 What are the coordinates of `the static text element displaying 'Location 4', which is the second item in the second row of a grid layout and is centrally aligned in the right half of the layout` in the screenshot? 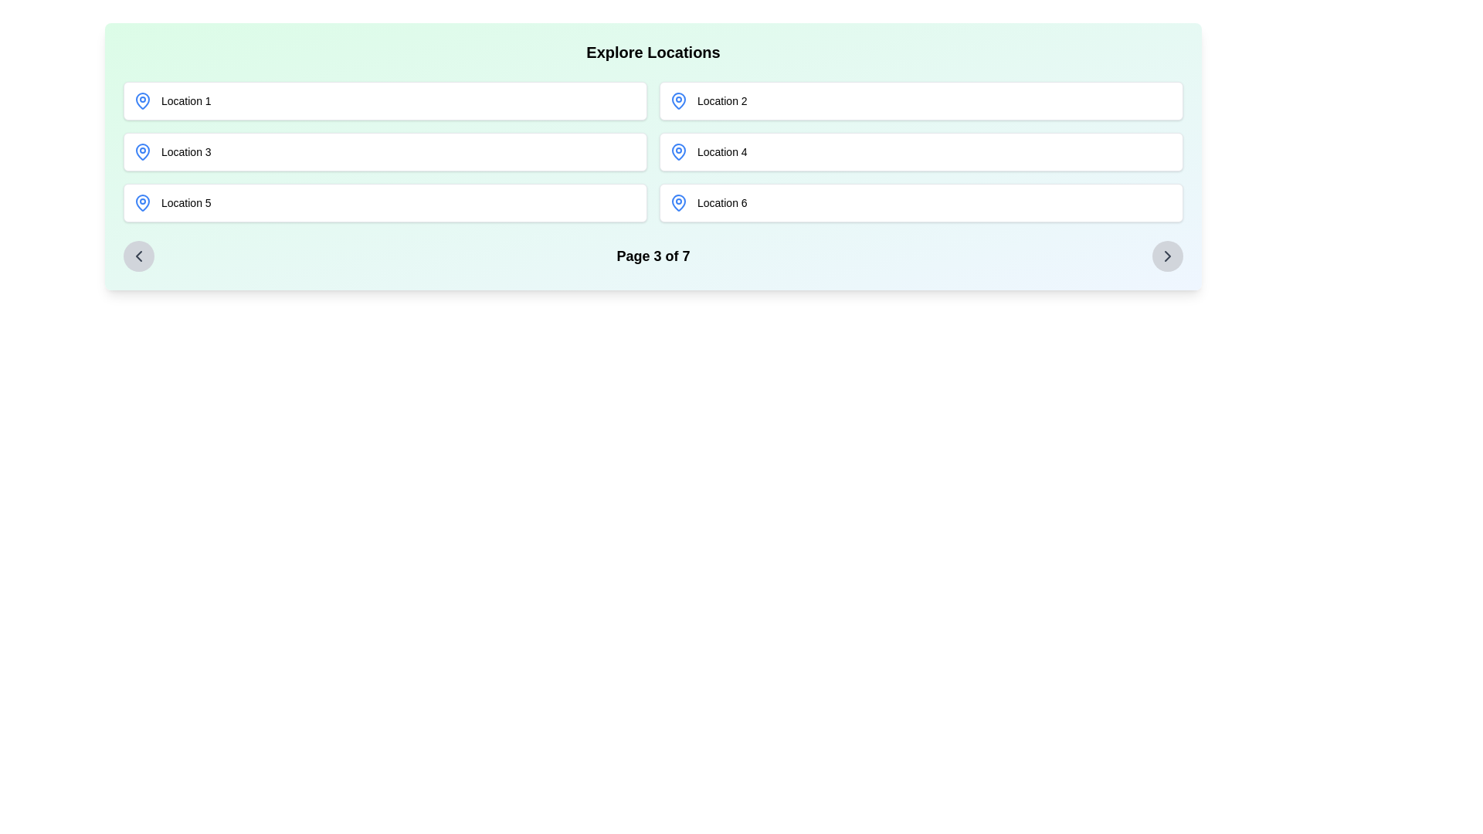 It's located at (721, 151).